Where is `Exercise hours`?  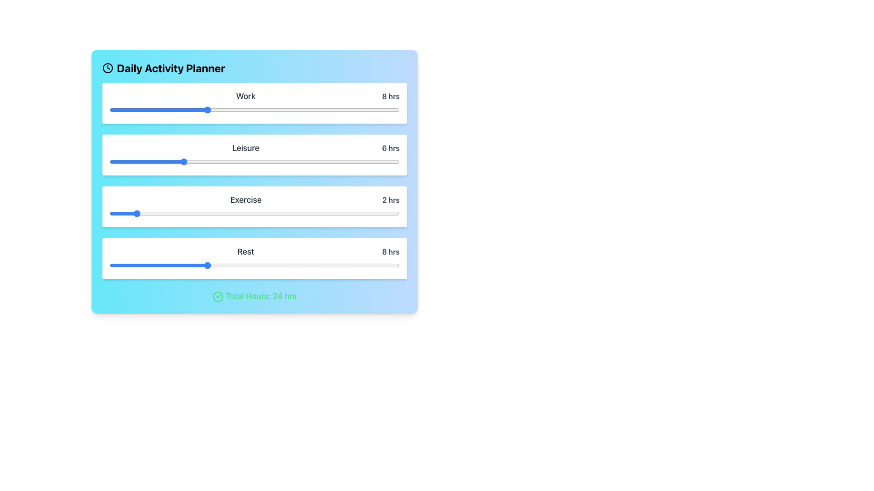 Exercise hours is located at coordinates (170, 214).